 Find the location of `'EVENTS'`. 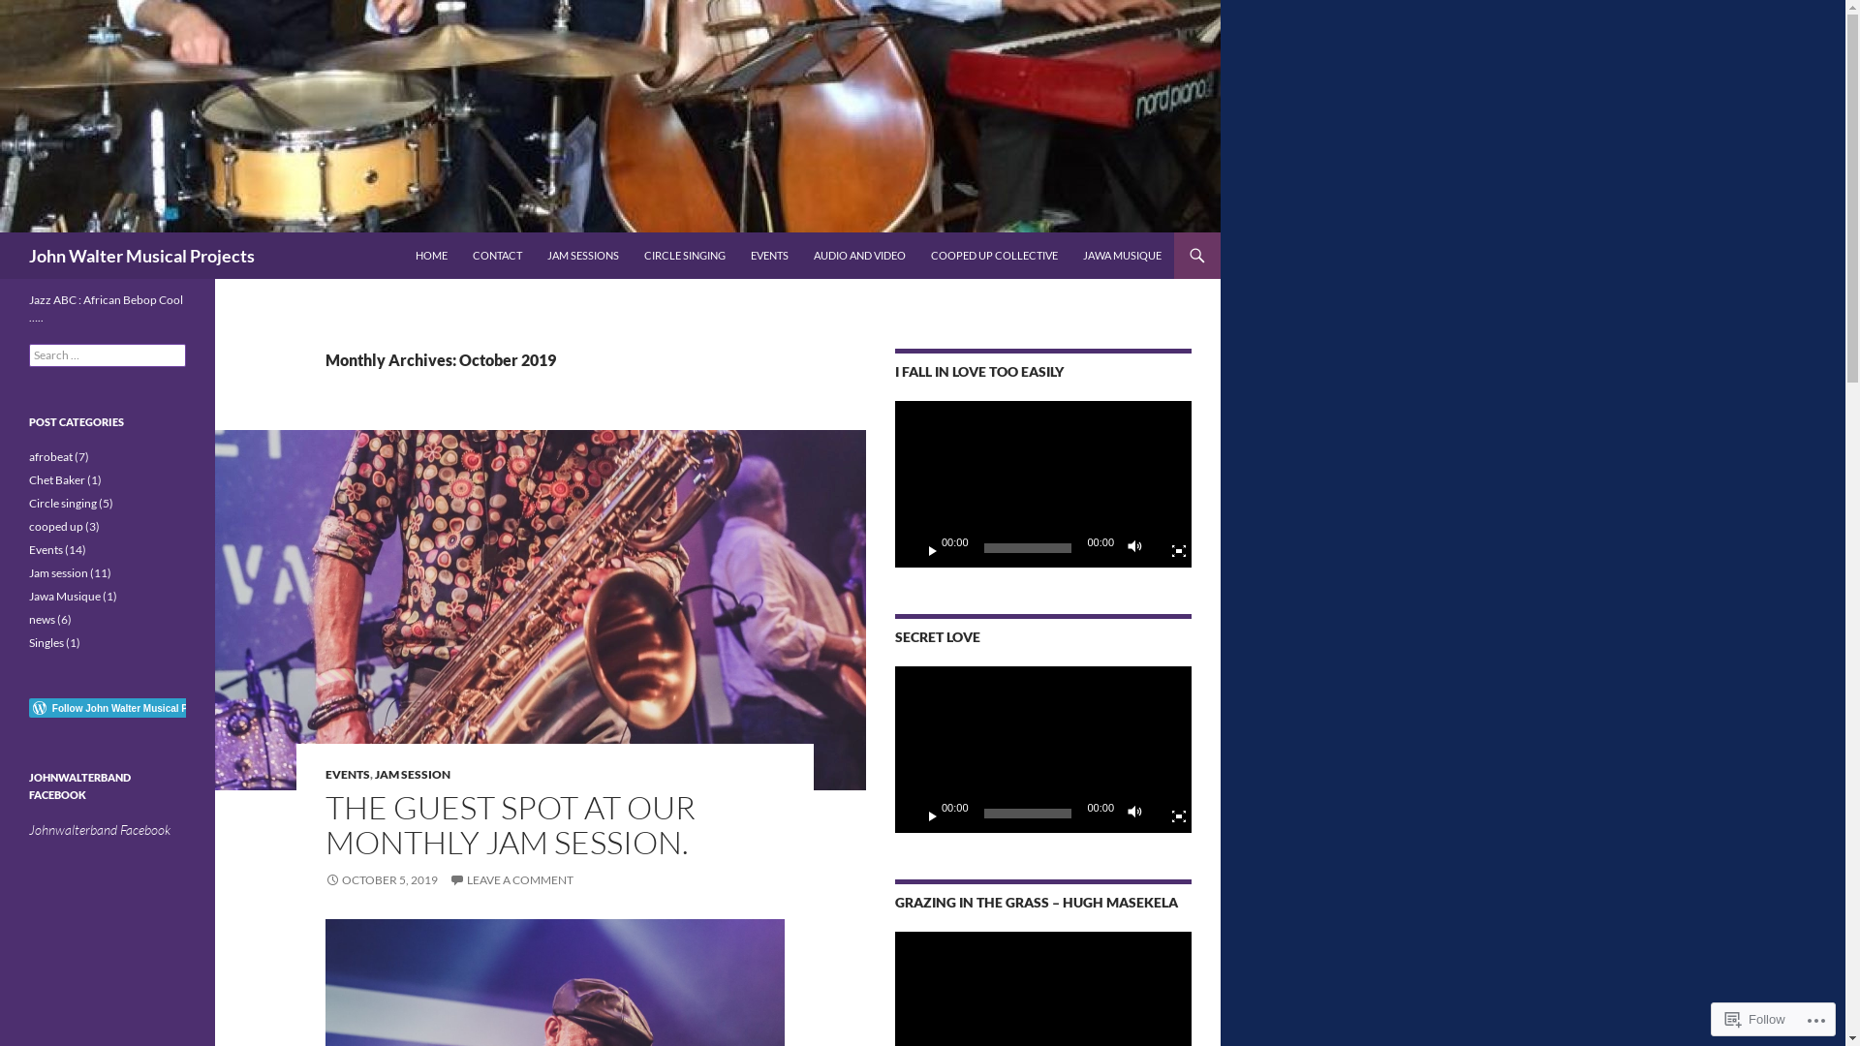

'EVENTS' is located at coordinates (348, 773).